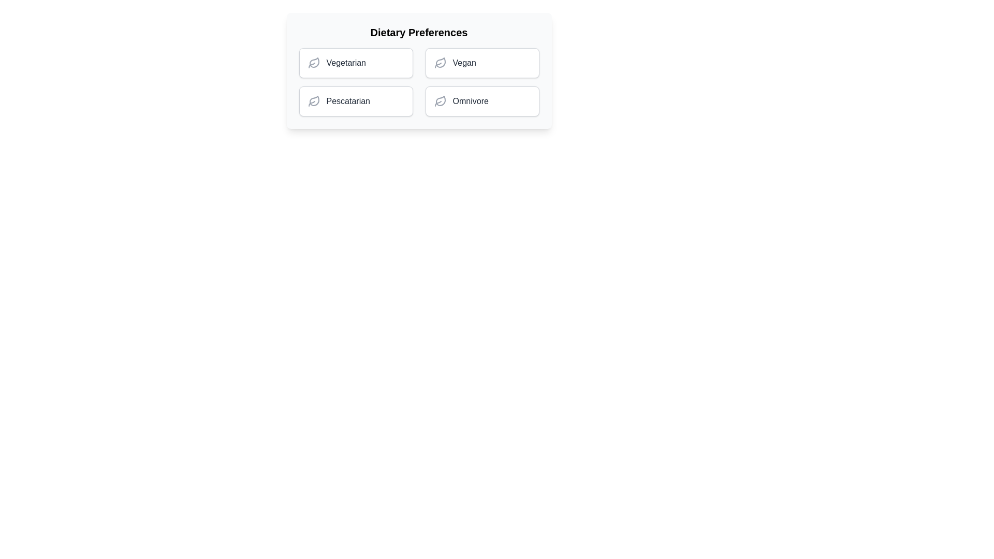  What do you see at coordinates (440, 62) in the screenshot?
I see `the vegan dietary preference icon located in the top-right button of the Dietary Preferences section` at bounding box center [440, 62].